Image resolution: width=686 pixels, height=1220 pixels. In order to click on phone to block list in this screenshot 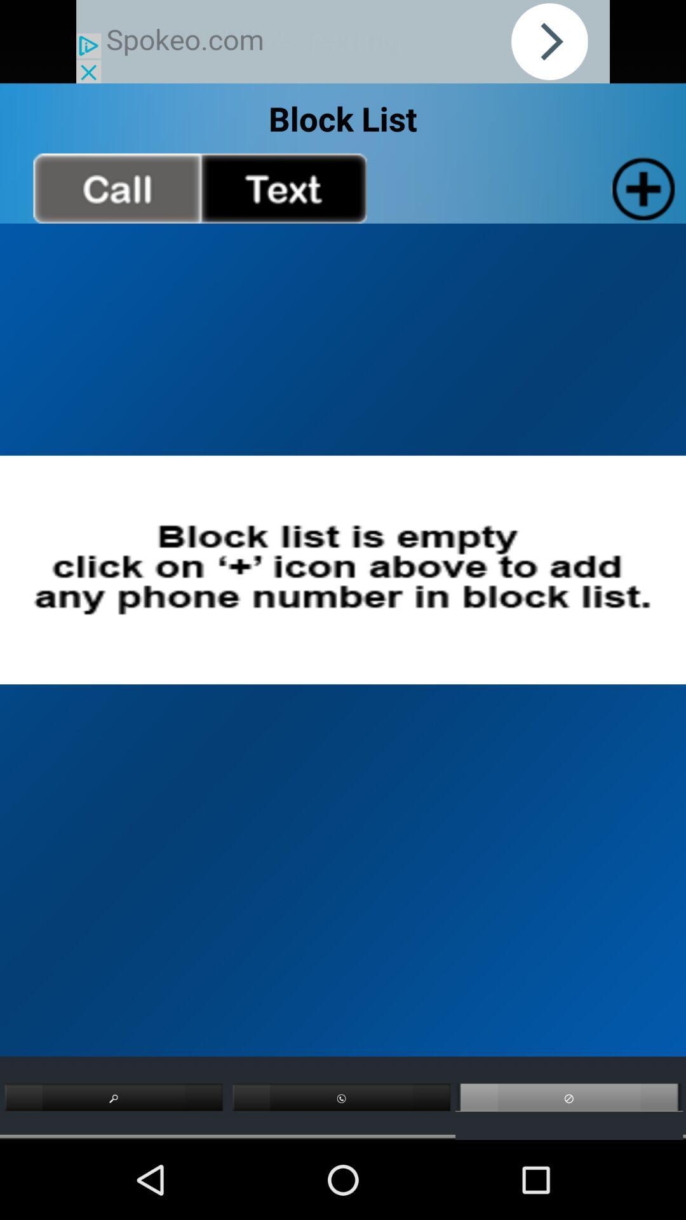, I will do `click(641, 187)`.